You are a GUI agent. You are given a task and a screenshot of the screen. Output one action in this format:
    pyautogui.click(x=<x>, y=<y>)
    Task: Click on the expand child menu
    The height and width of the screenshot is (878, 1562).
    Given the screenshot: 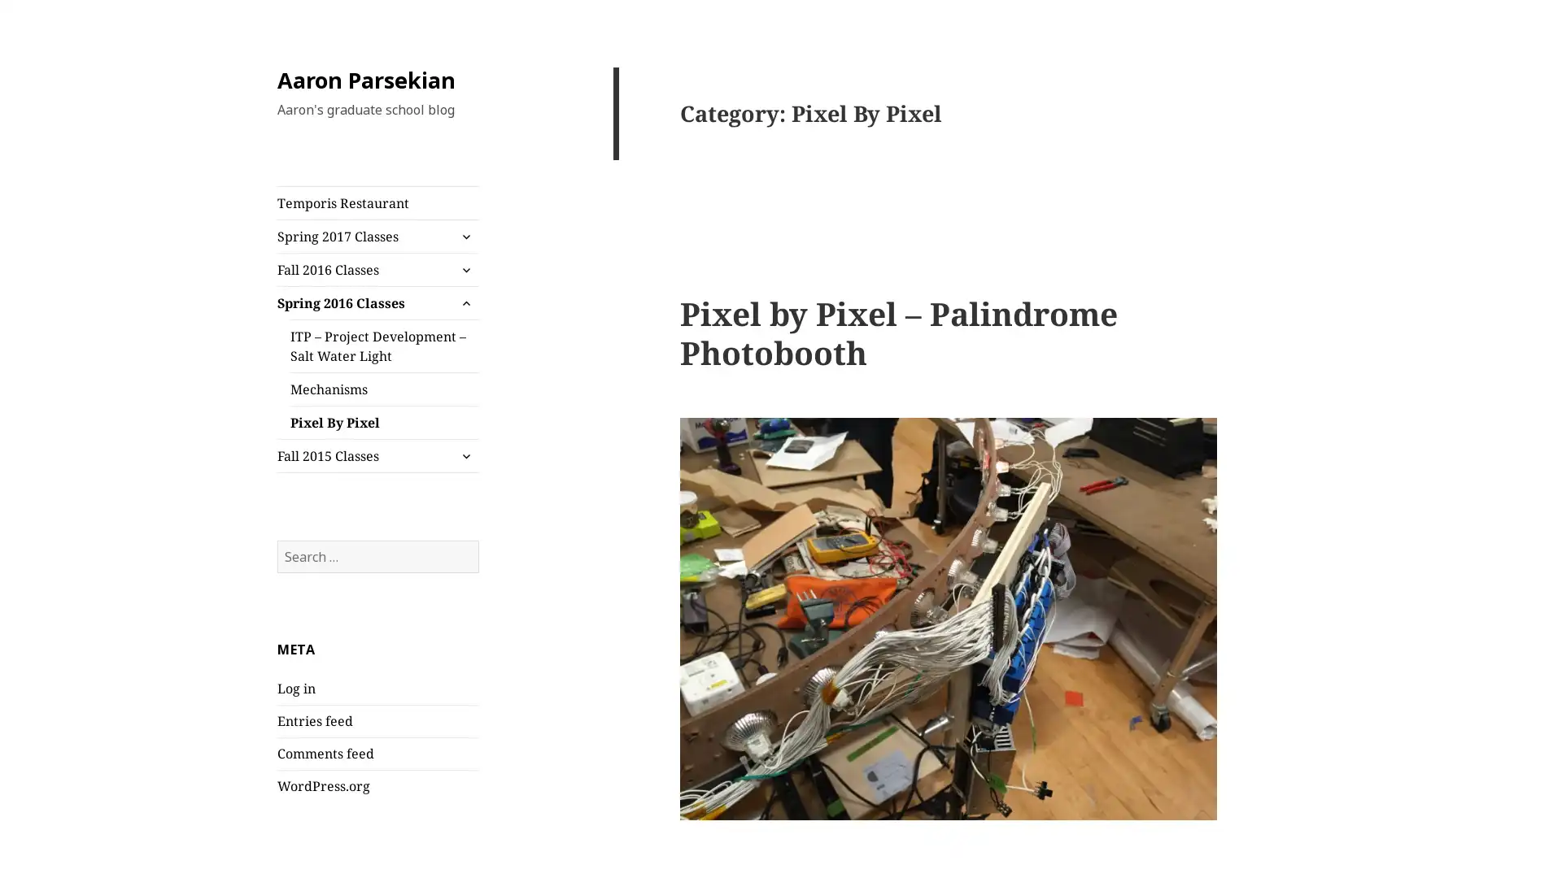 What is the action you would take?
    pyautogui.click(x=464, y=303)
    